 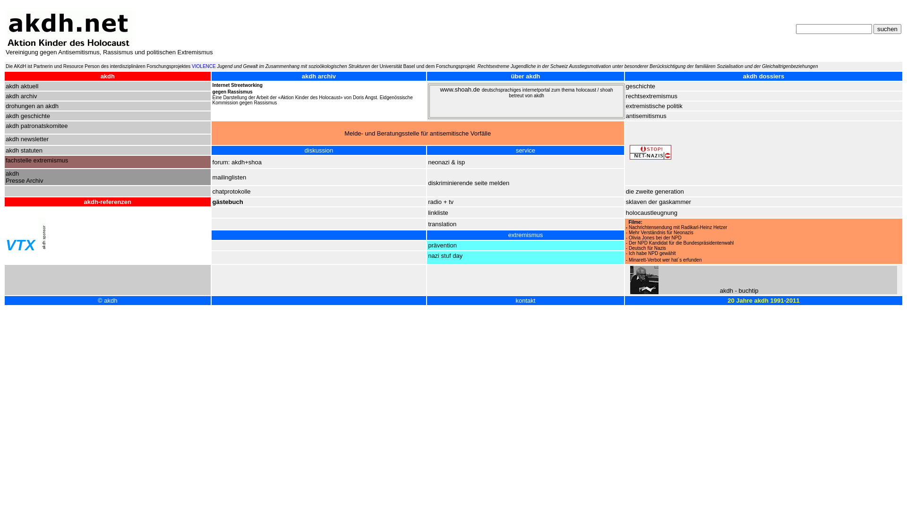 I want to click on 'seite melden', so click(x=491, y=183).